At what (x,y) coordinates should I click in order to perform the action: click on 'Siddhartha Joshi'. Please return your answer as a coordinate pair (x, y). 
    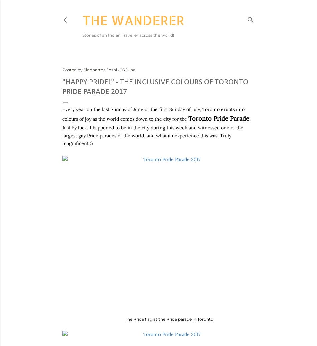
    Looking at the image, I should click on (100, 69).